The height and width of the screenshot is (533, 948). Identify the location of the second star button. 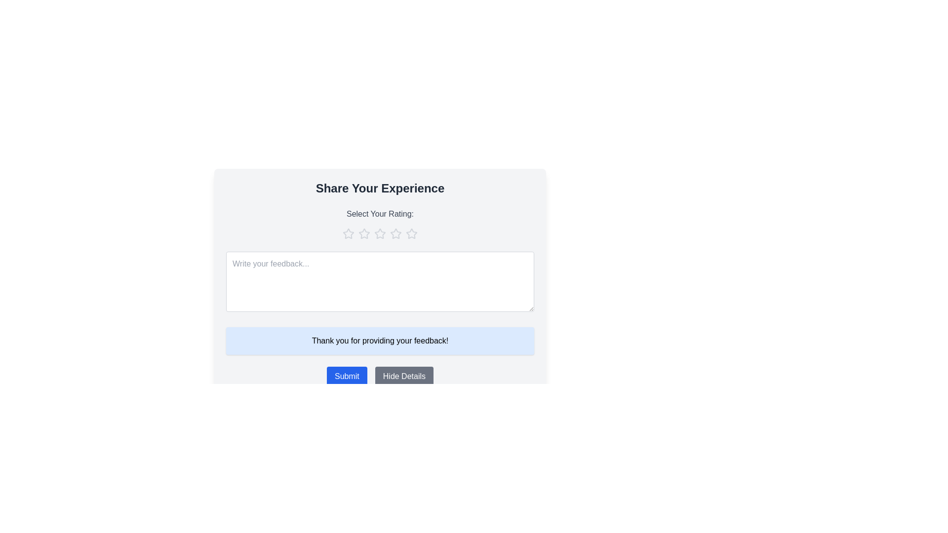
(379, 233).